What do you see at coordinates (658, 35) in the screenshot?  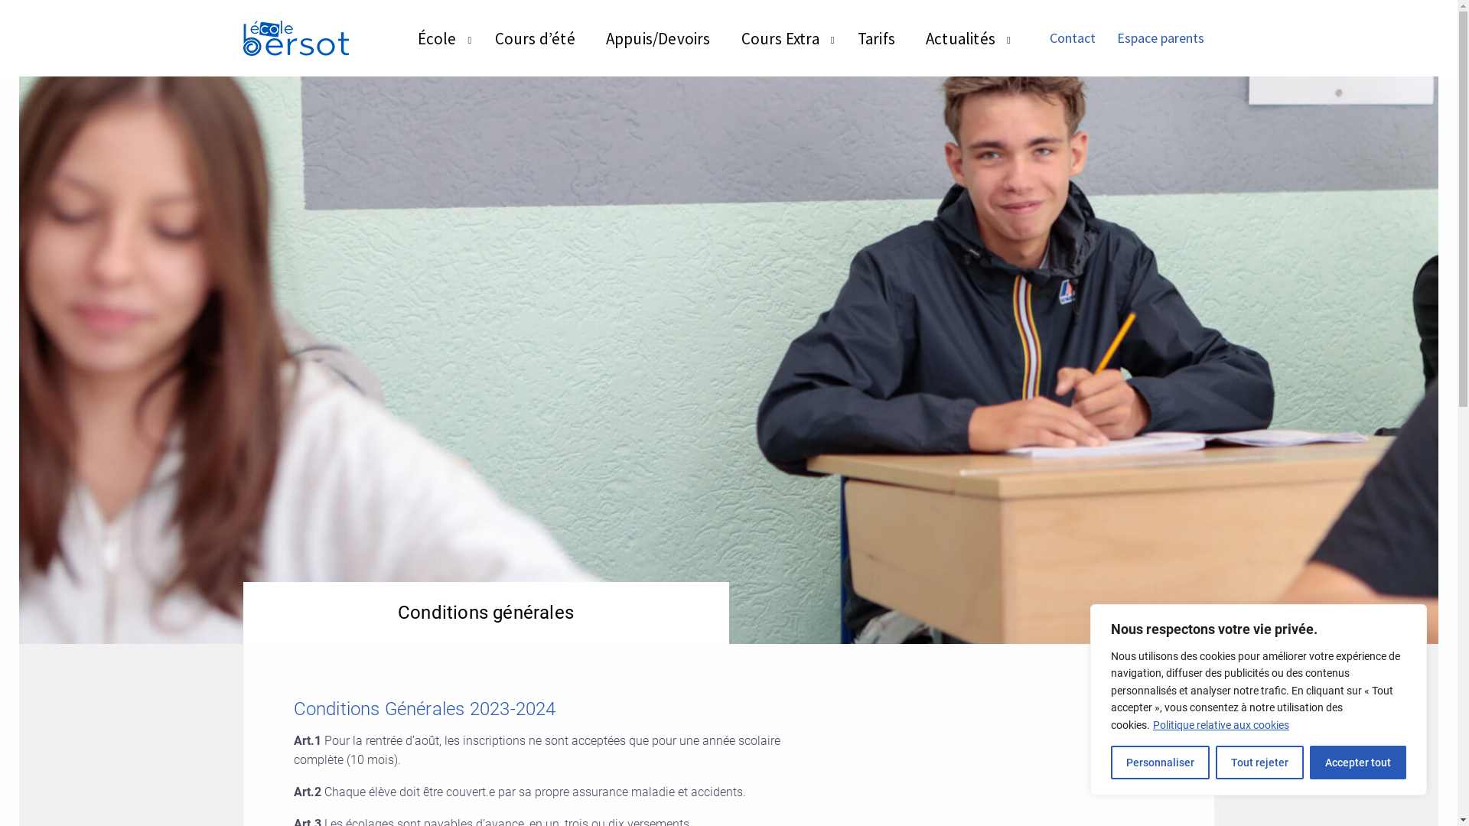 I see `'Appuis/Devoirs'` at bounding box center [658, 35].